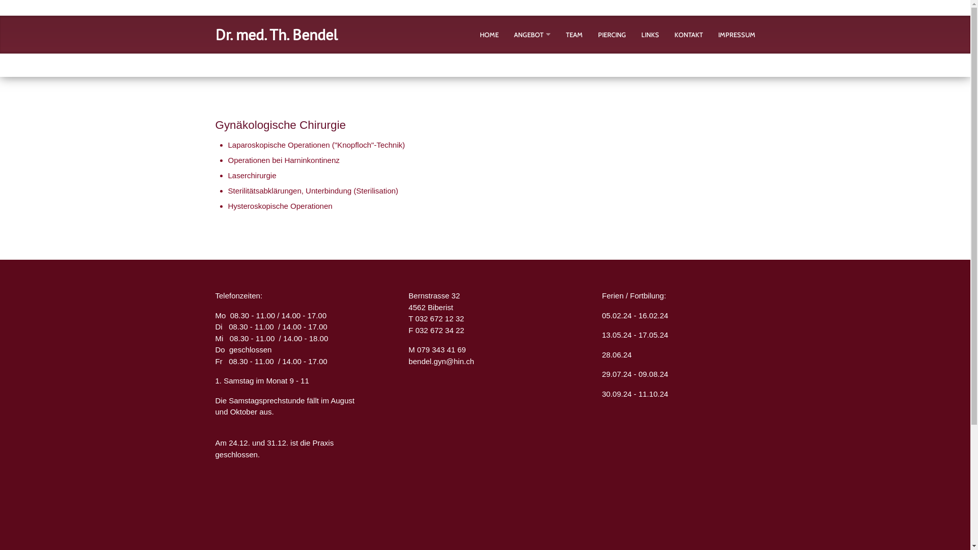 The image size is (978, 550). What do you see at coordinates (737, 34) in the screenshot?
I see `'IMPRESSUM'` at bounding box center [737, 34].